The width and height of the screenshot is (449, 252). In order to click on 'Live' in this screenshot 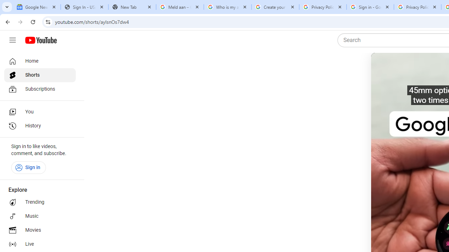, I will do `click(39, 244)`.